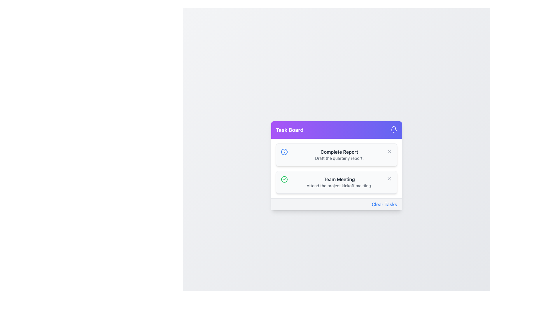 The image size is (560, 315). Describe the element at coordinates (339, 185) in the screenshot. I see `the text snippet that reads 'Attend the project kickoff meeting.' which is styled in gray color and located within a task card interface, positioned below 'Team Meeting.'` at that location.